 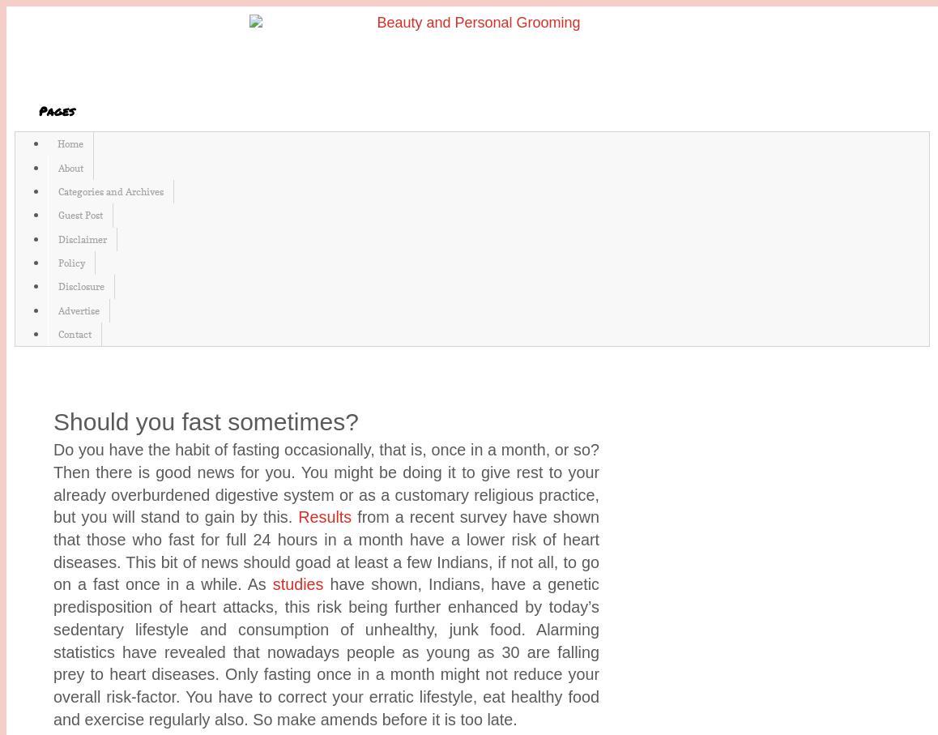 I want to click on 'studies', so click(x=296, y=583).